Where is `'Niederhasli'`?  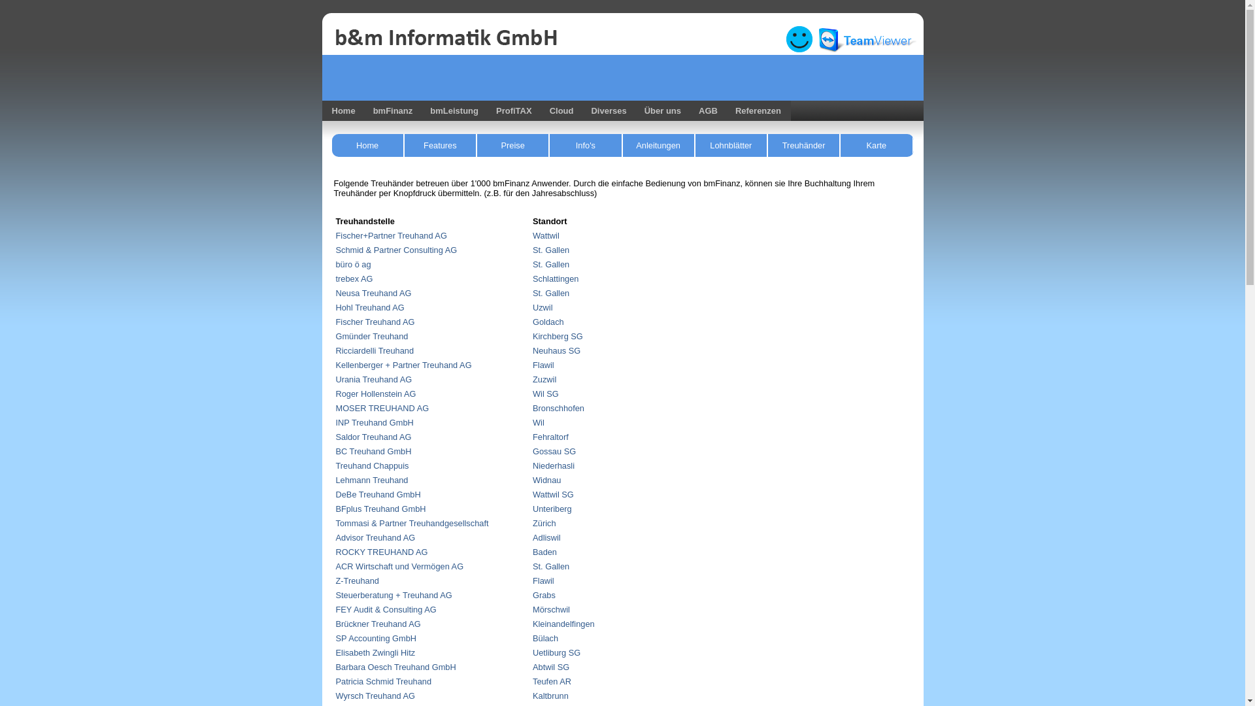 'Niederhasli' is located at coordinates (533, 465).